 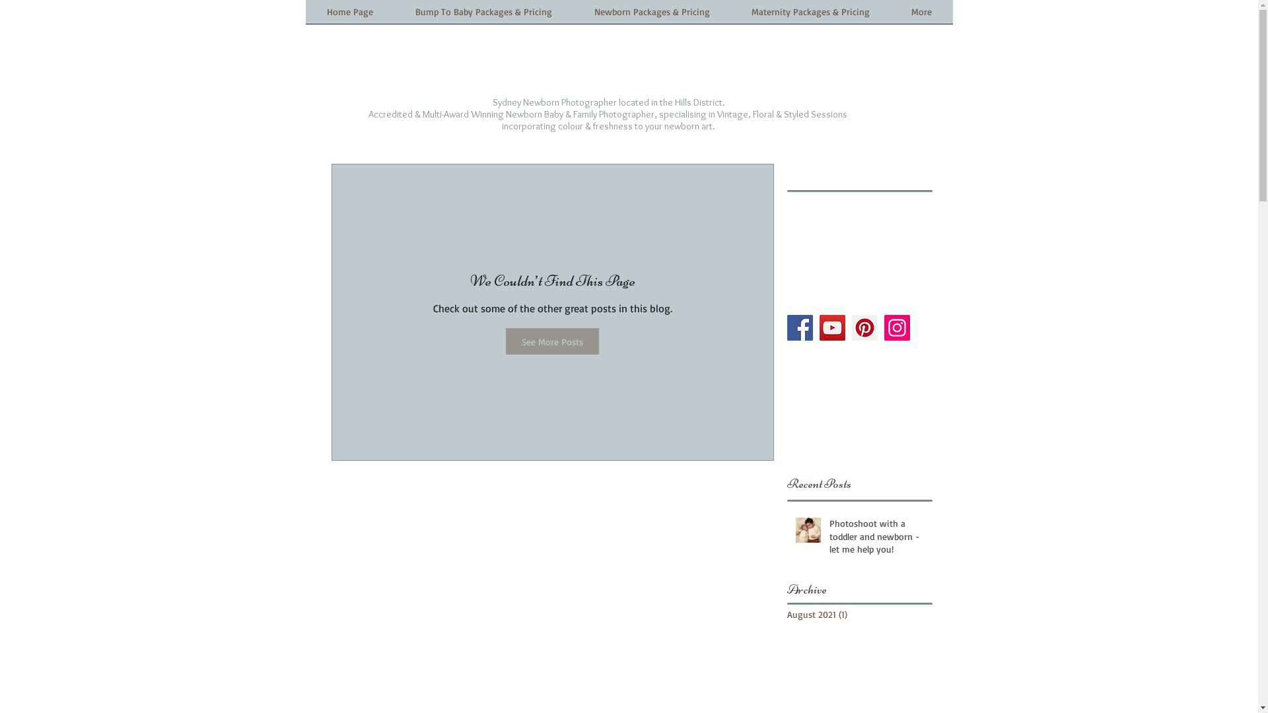 What do you see at coordinates (877, 539) in the screenshot?
I see `'Photoshoot with a toddler and newborn - let me help you!'` at bounding box center [877, 539].